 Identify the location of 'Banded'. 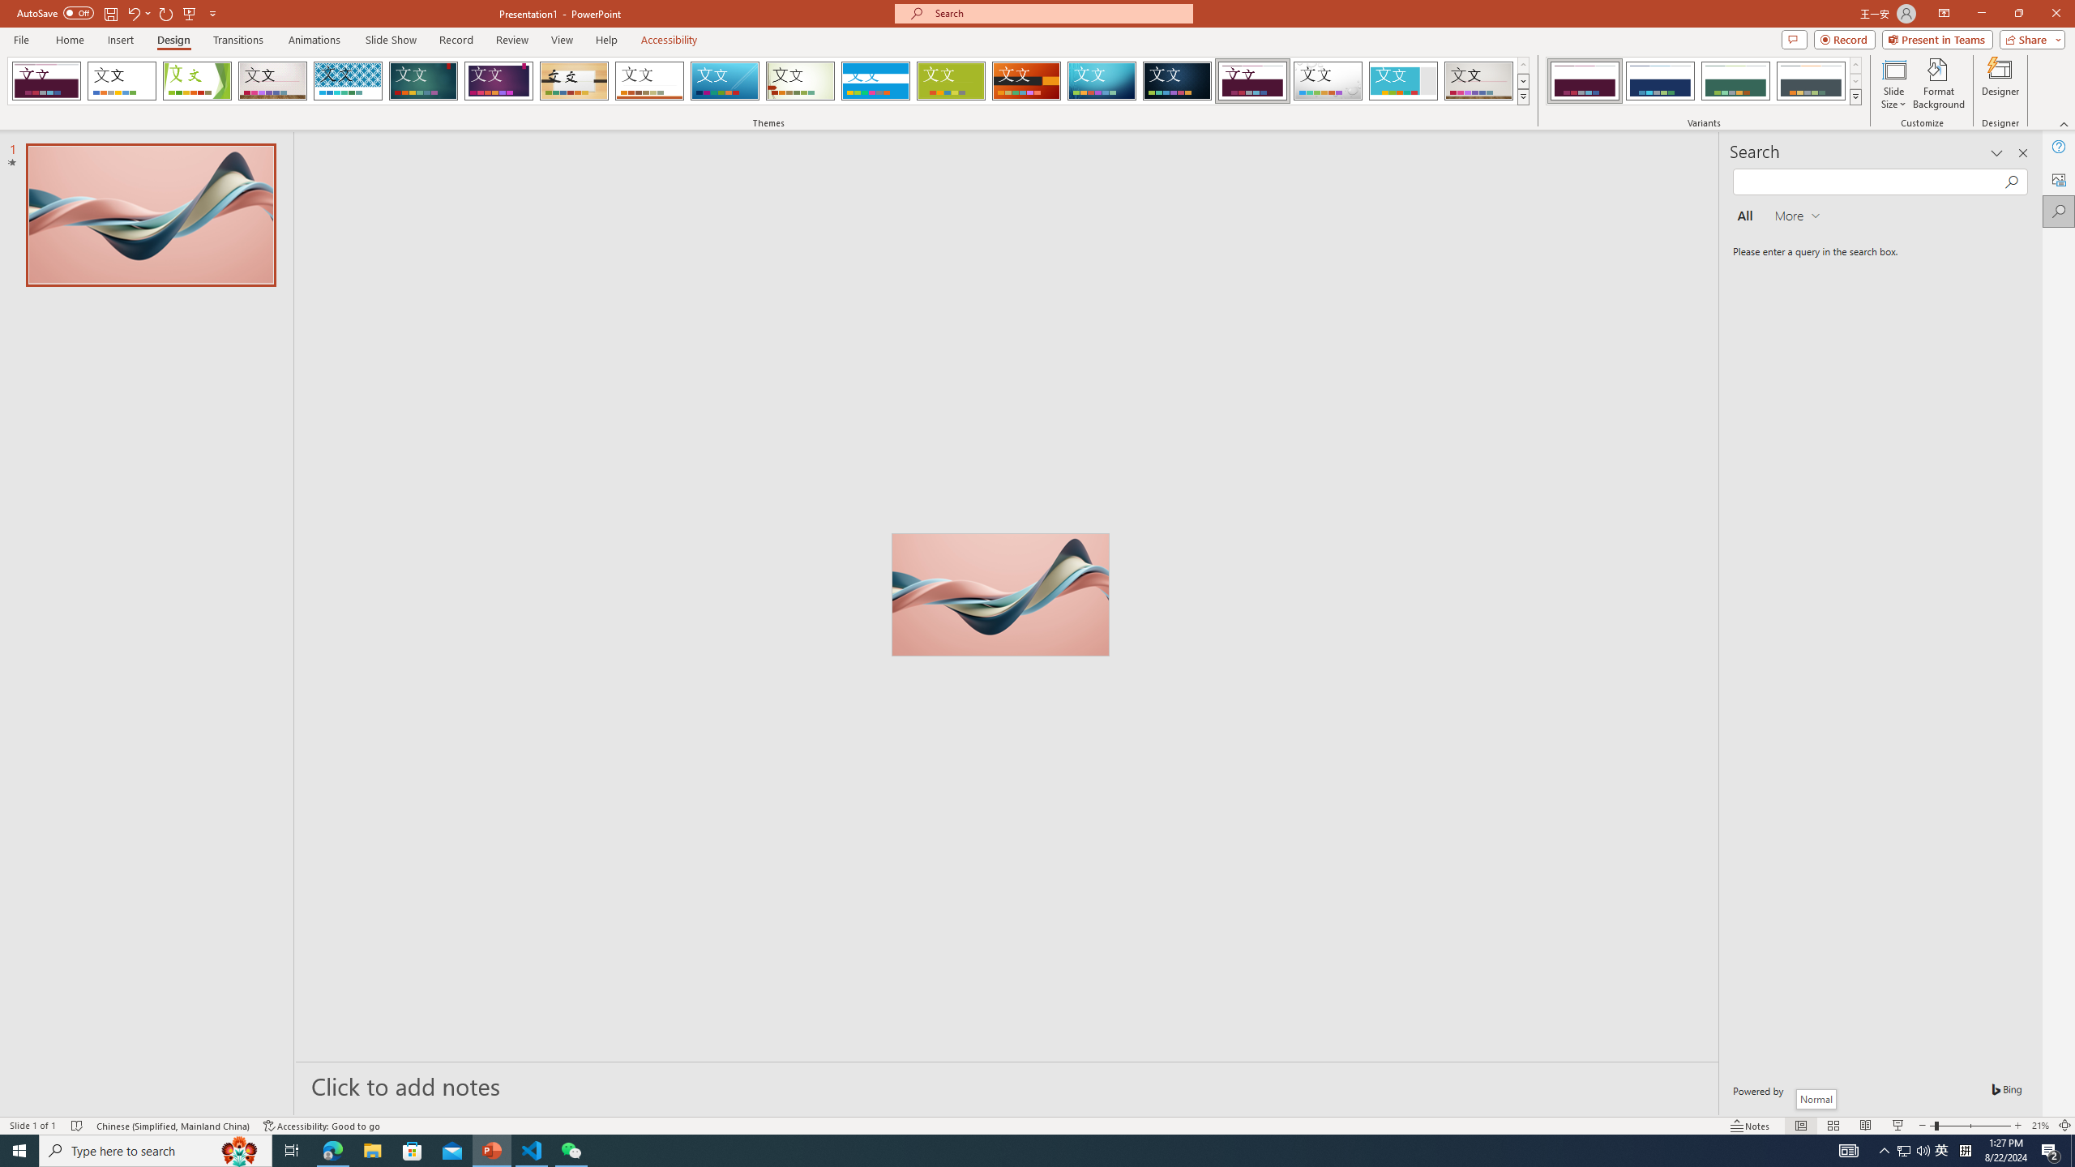
(875, 80).